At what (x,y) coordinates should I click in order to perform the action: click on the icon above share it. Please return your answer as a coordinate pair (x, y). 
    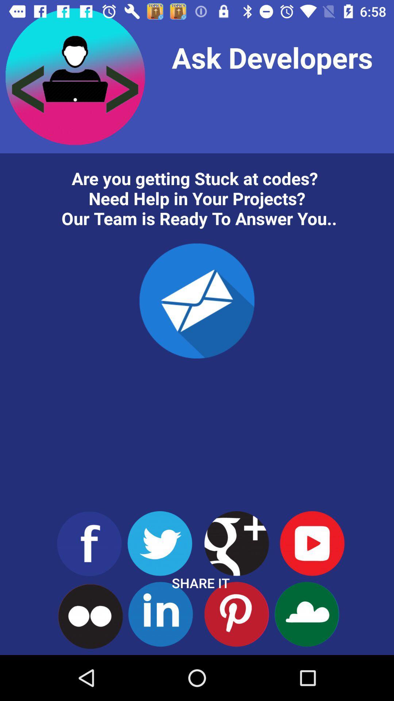
    Looking at the image, I should click on (197, 301).